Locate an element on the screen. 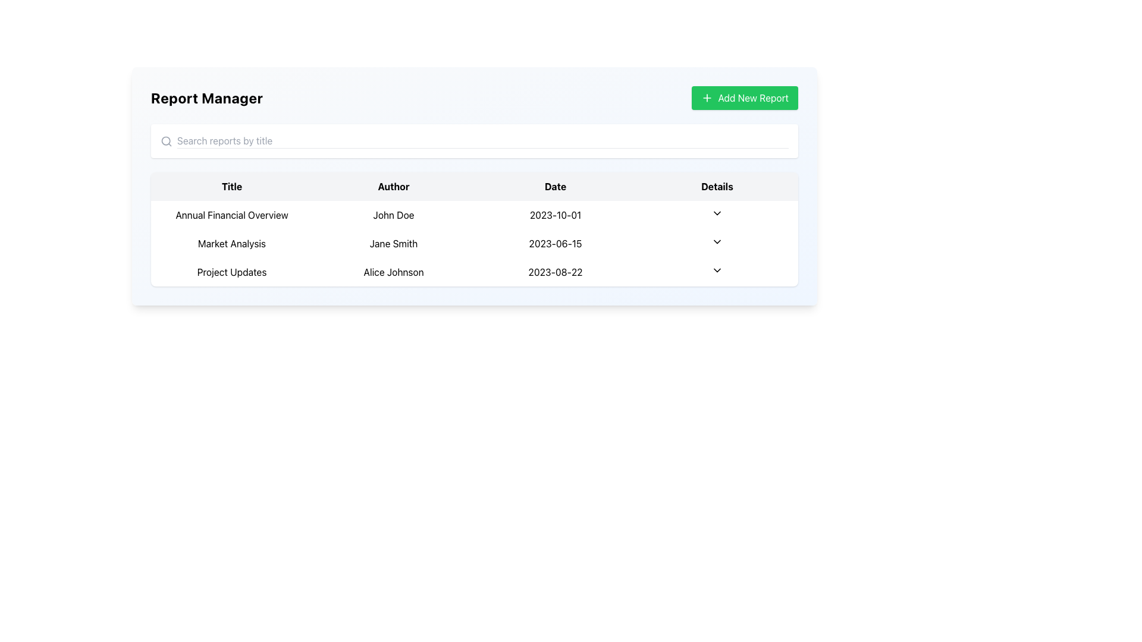  the triangular downward pointing arrow icon located in the 'Details' column of the row labeled 'Annual Financial Overview' to trigger a tooltip if applicable is located at coordinates (716, 215).